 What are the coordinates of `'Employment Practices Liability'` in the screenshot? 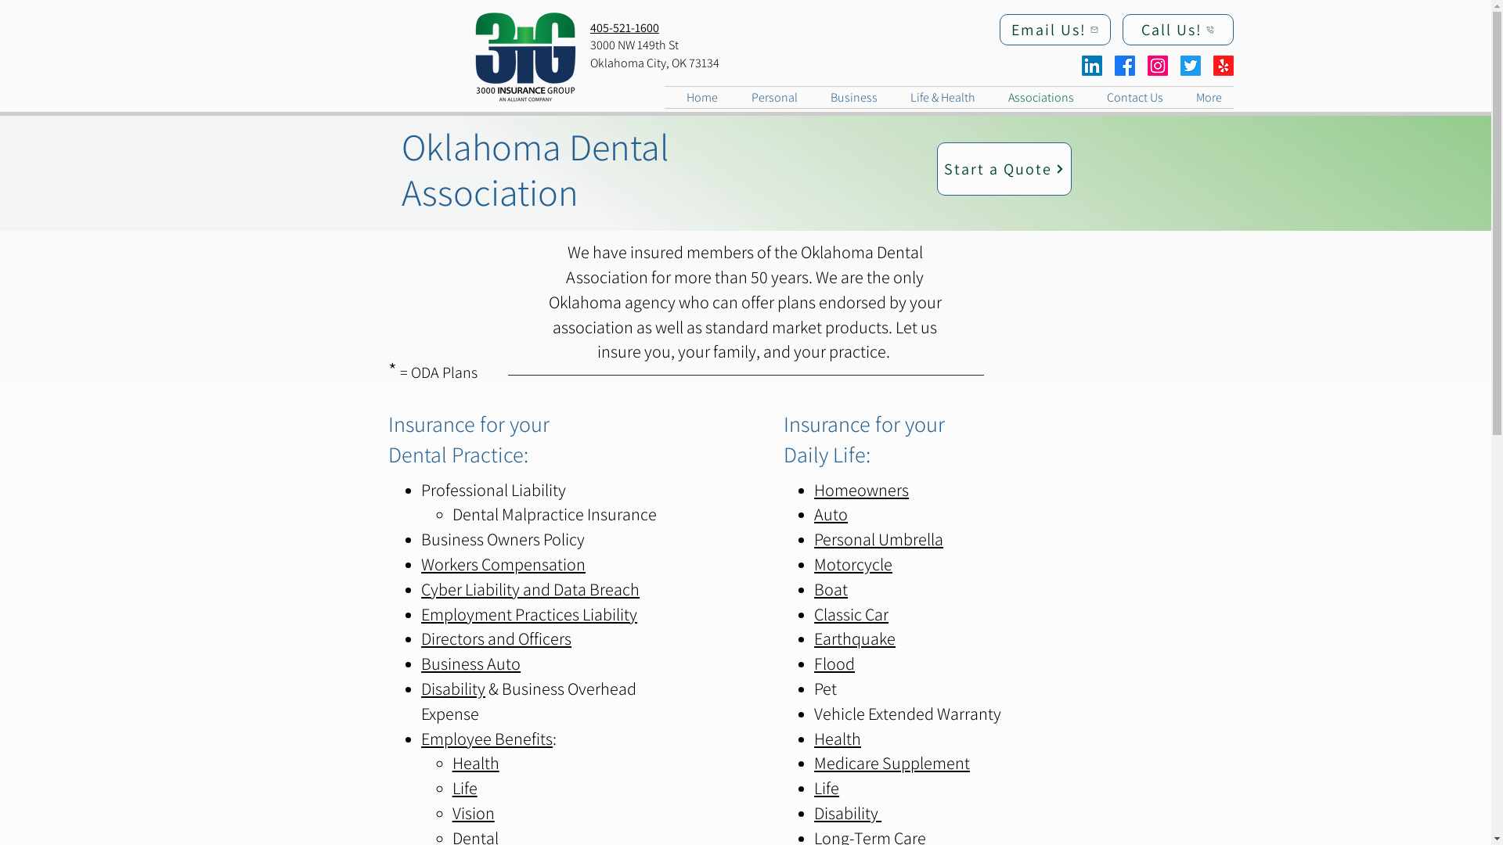 It's located at (420, 613).